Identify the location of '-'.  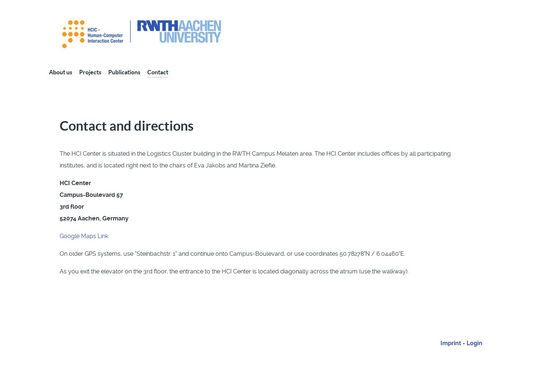
(464, 343).